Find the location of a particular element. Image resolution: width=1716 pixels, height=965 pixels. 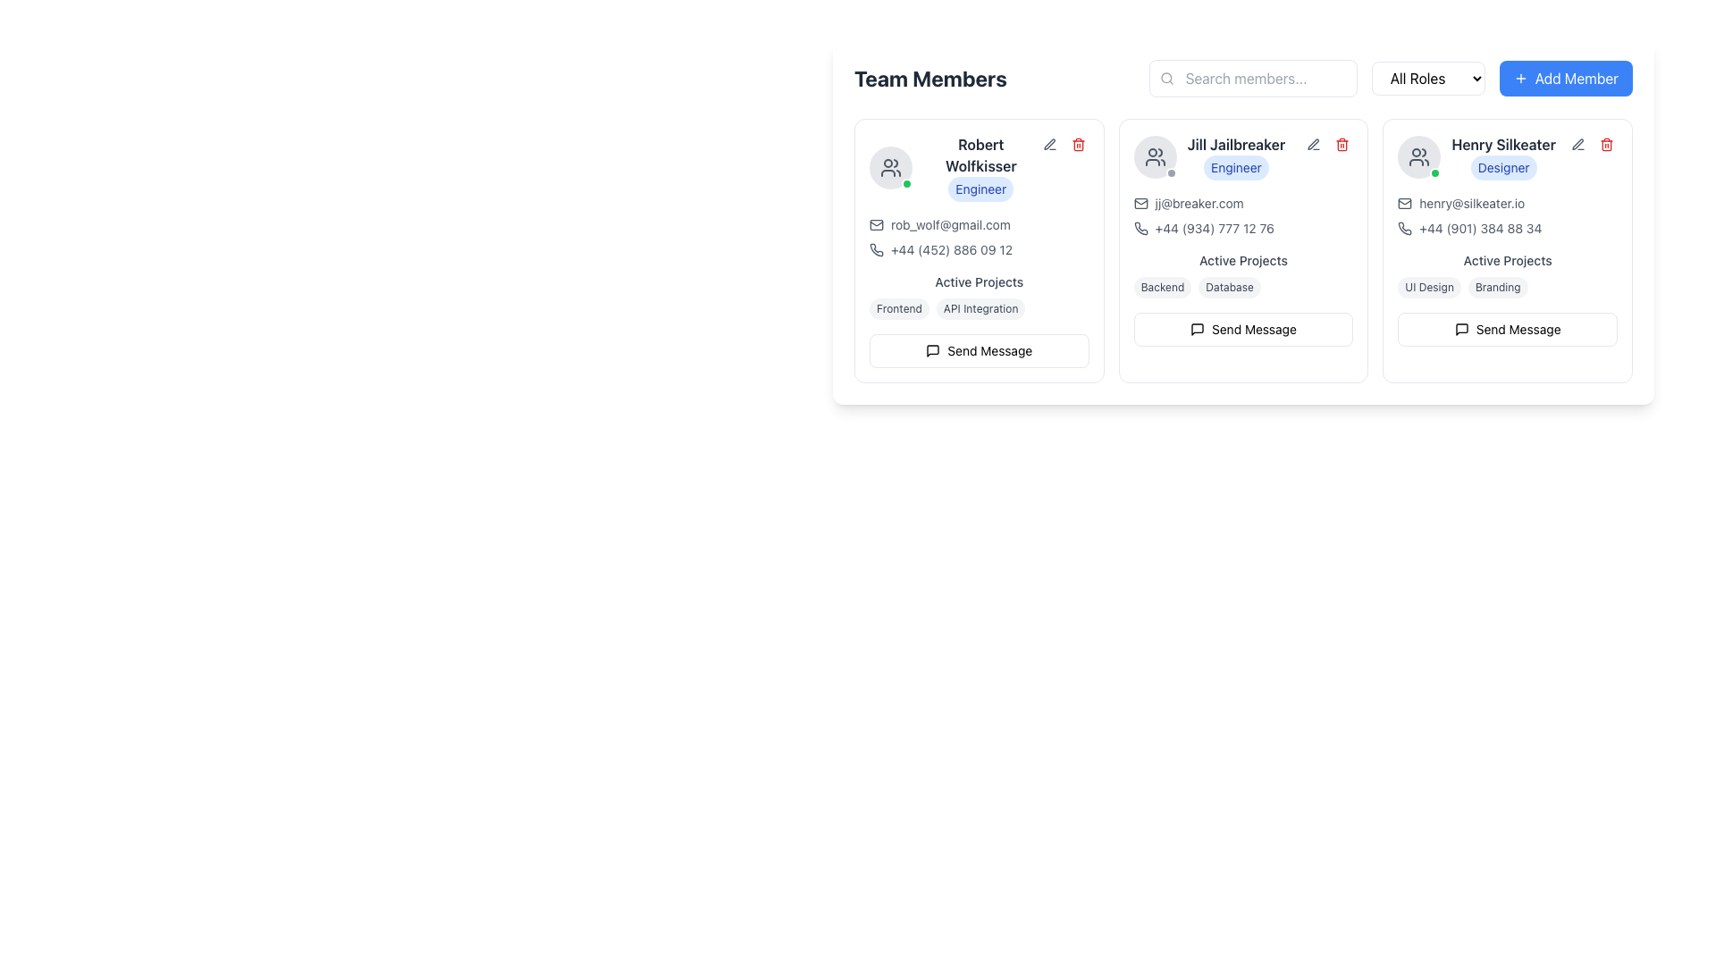

the text label reading 'Active Projects' which is styled with medium weight typography in gray color, positioned within the card for 'Robert Wolfkisser' is located at coordinates (978, 281).